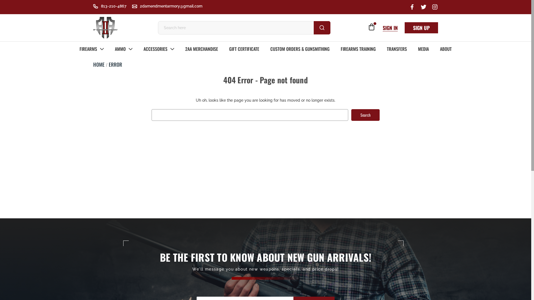 The height and width of the screenshot is (300, 534). I want to click on 'GIFT CERTIFICATE', so click(244, 49).